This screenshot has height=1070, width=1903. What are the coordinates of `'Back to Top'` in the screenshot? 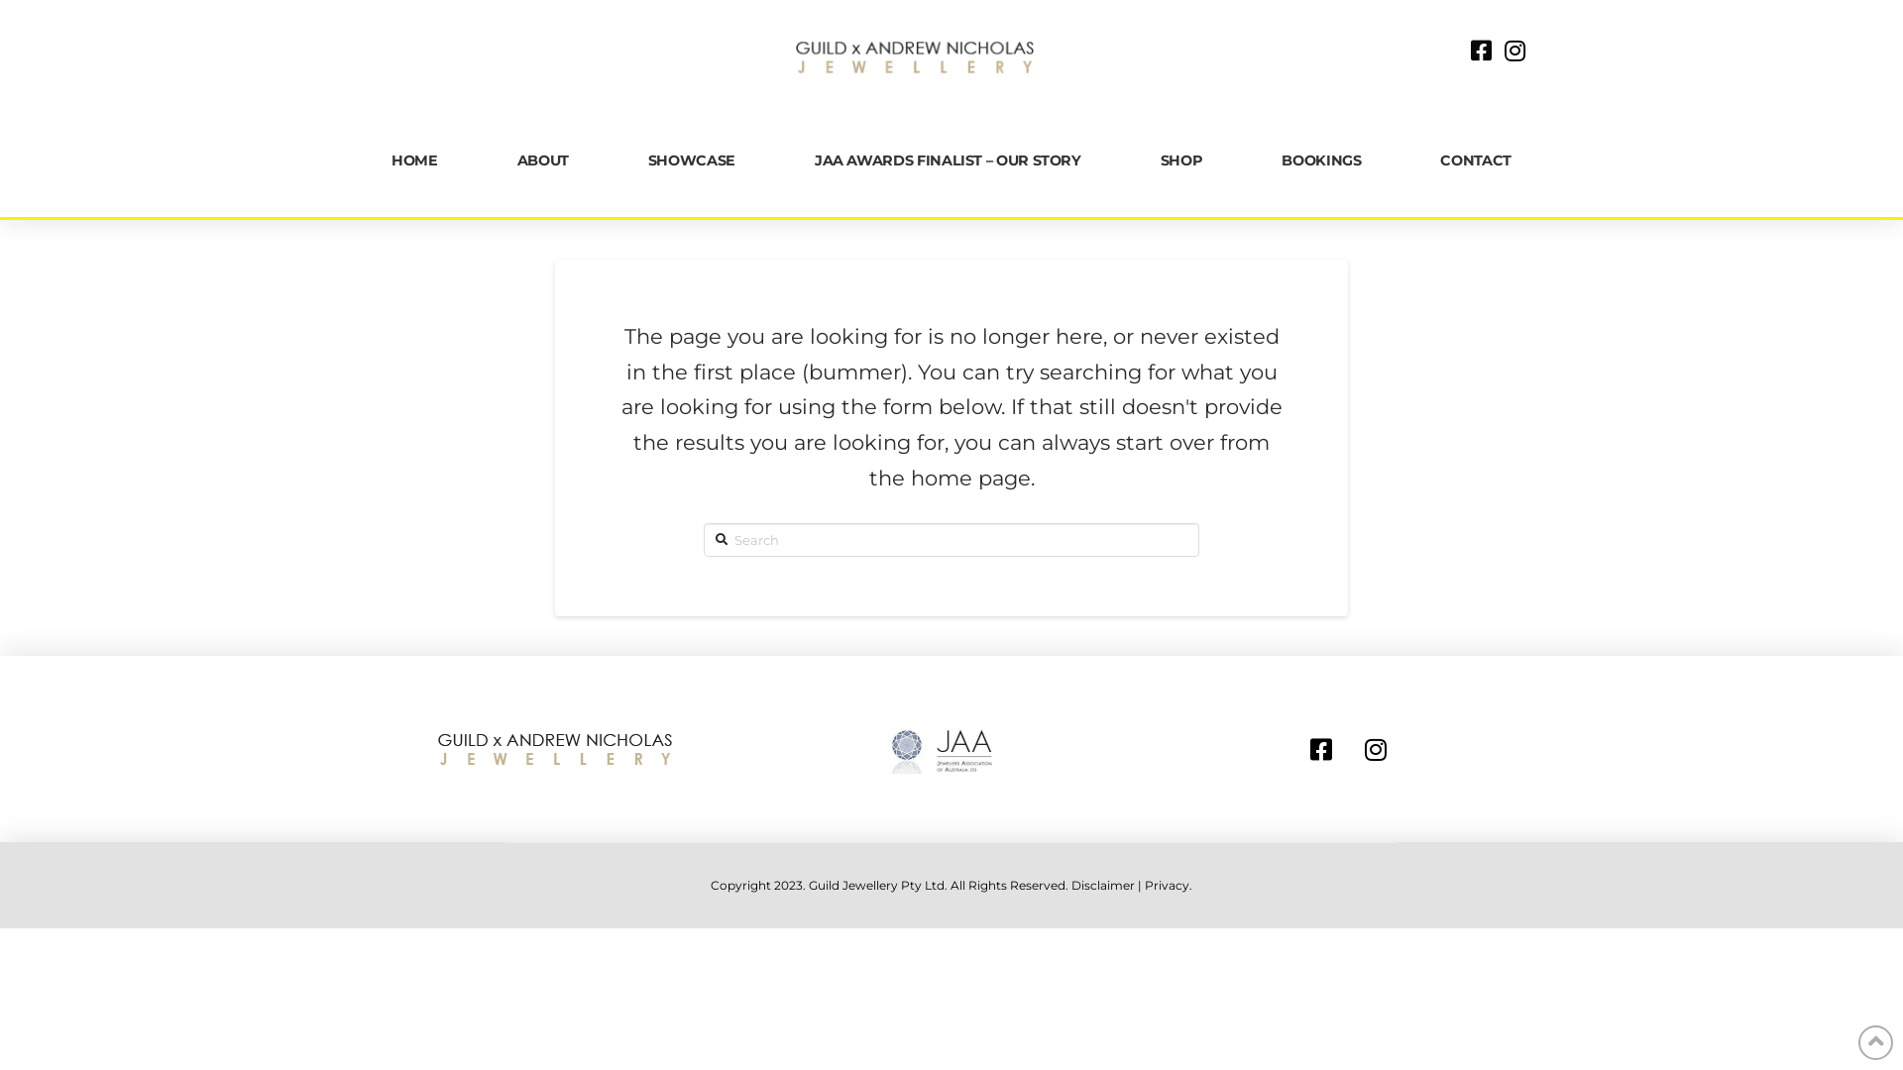 It's located at (1874, 1041).